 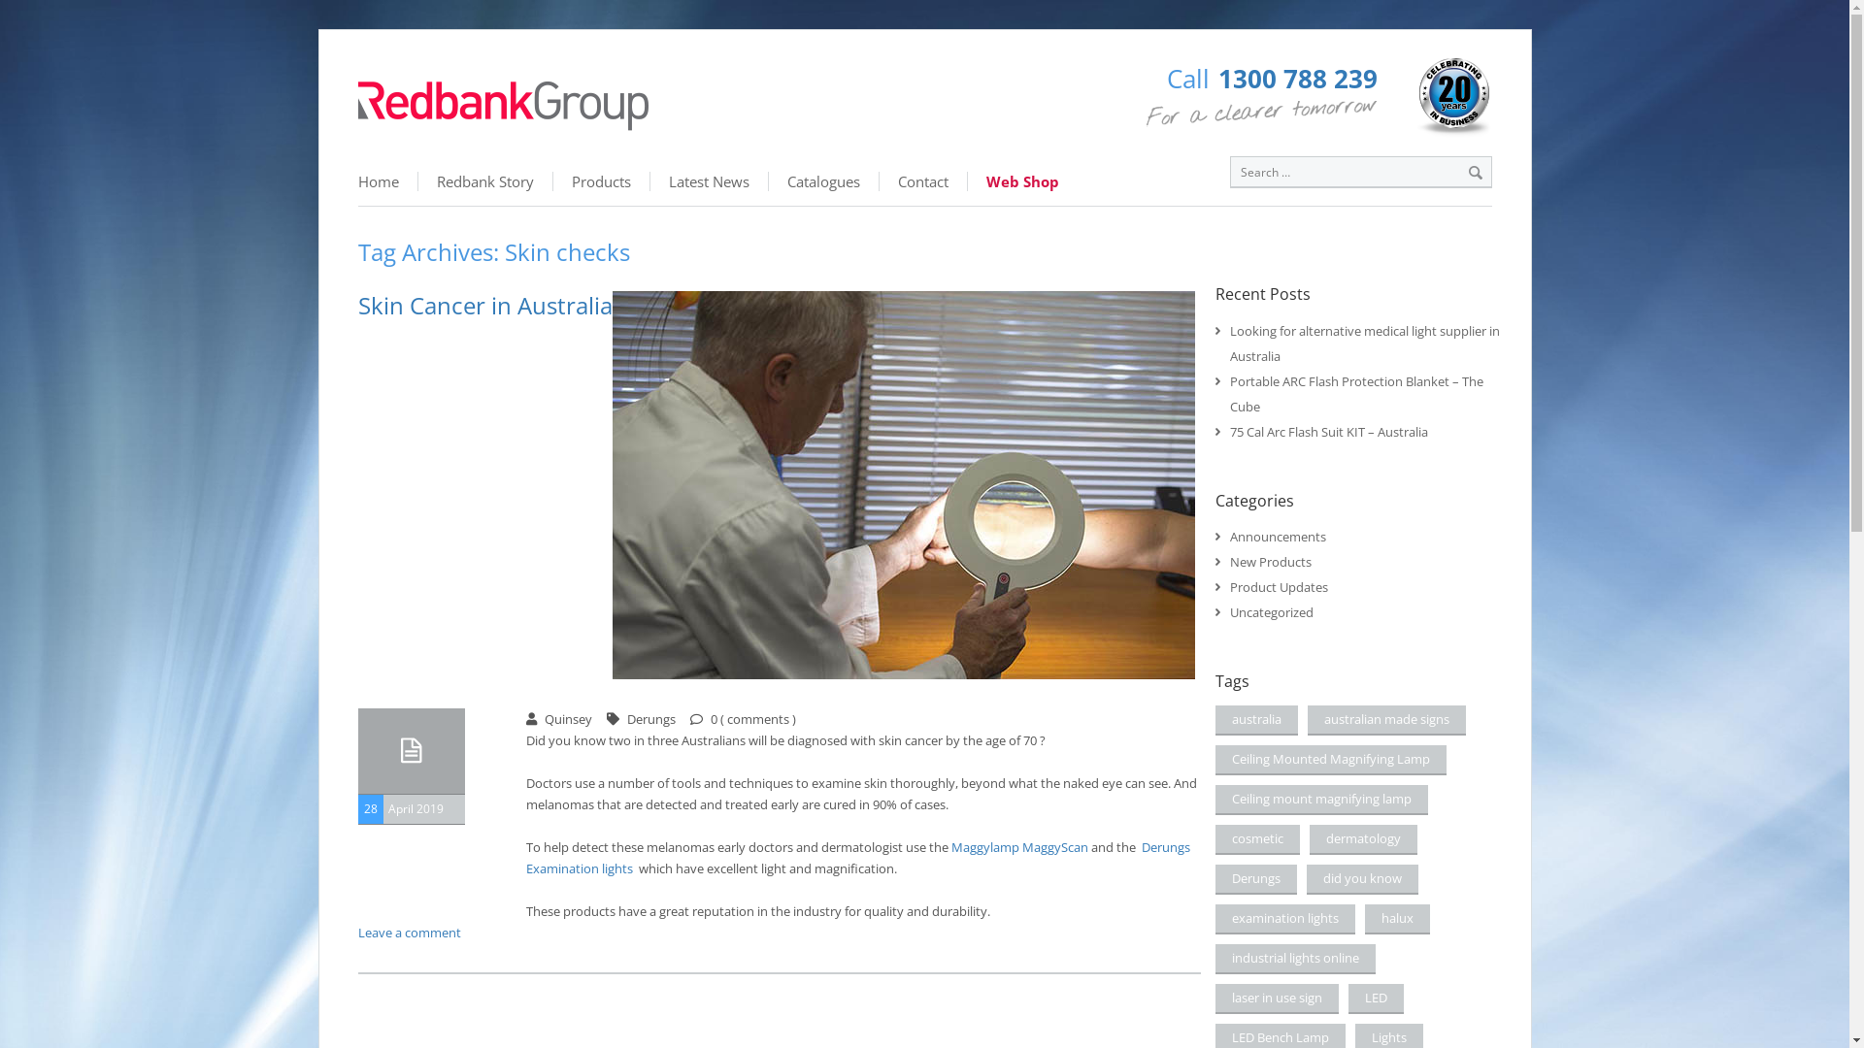 I want to click on 'australia', so click(x=1256, y=720).